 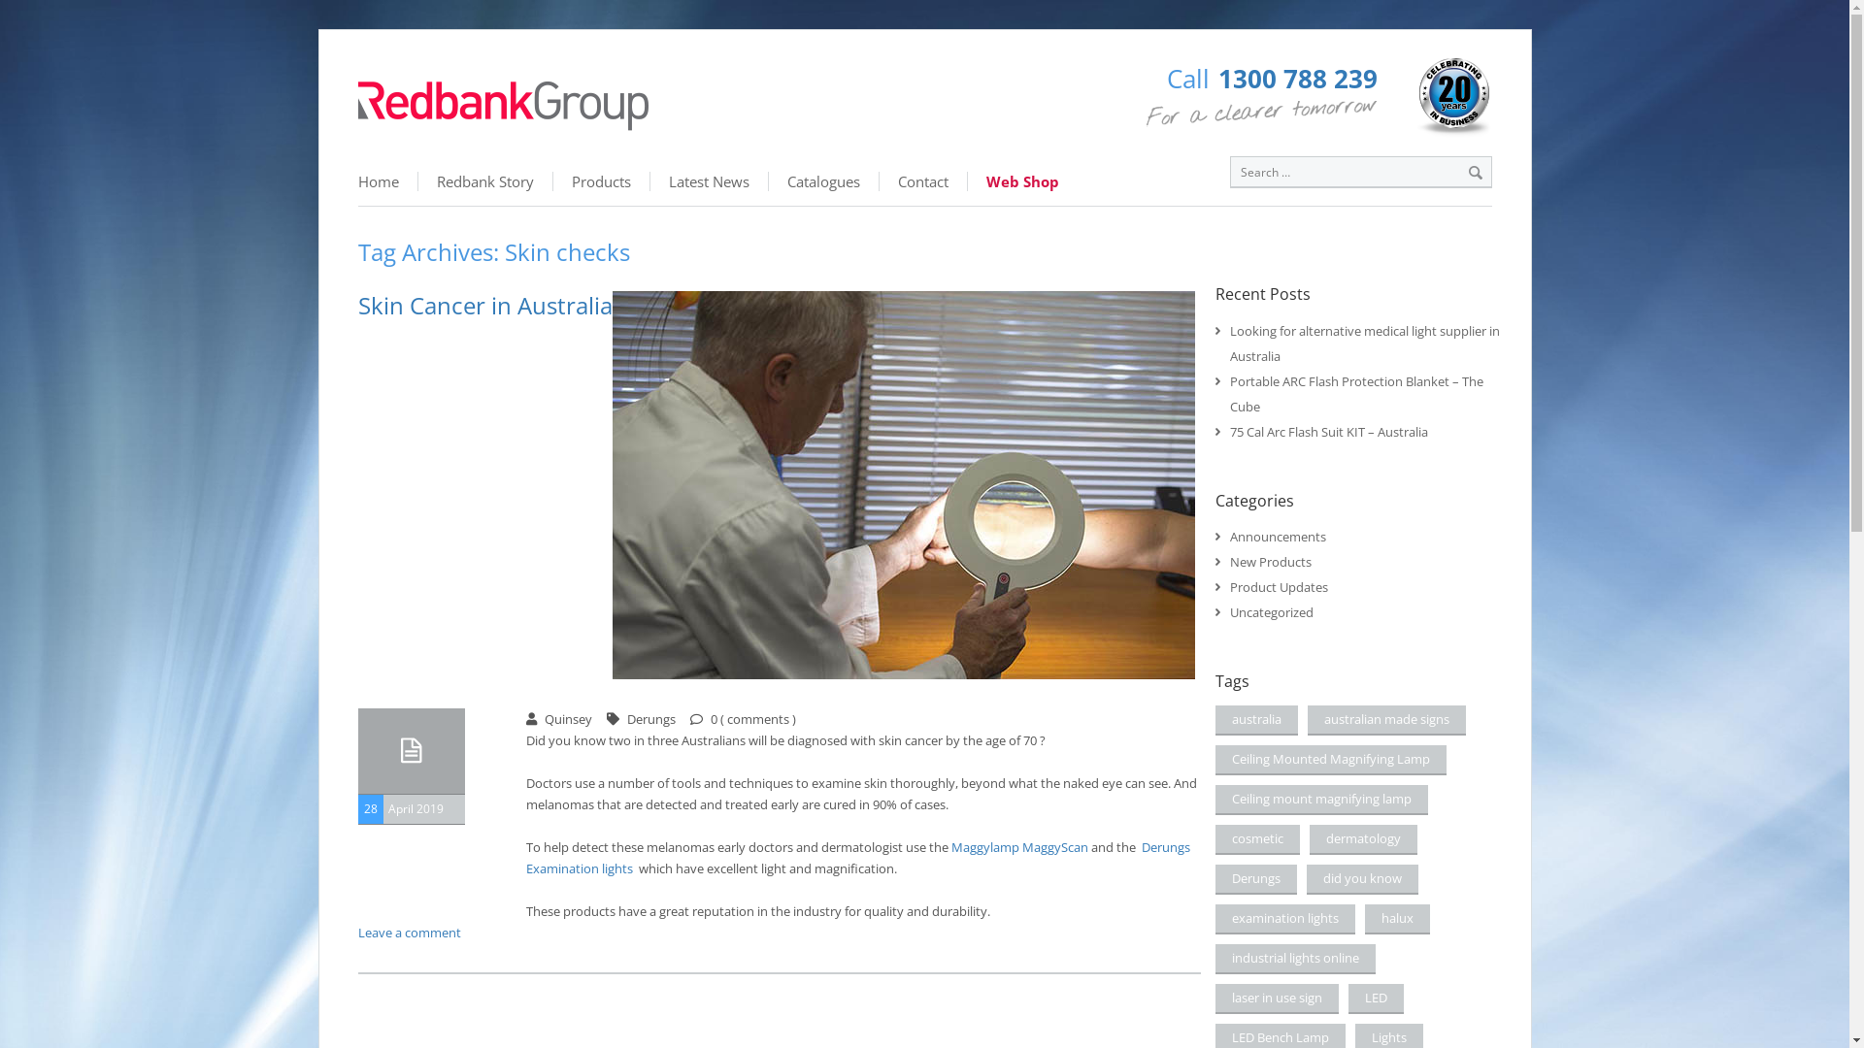 I want to click on 'australia', so click(x=1256, y=720).